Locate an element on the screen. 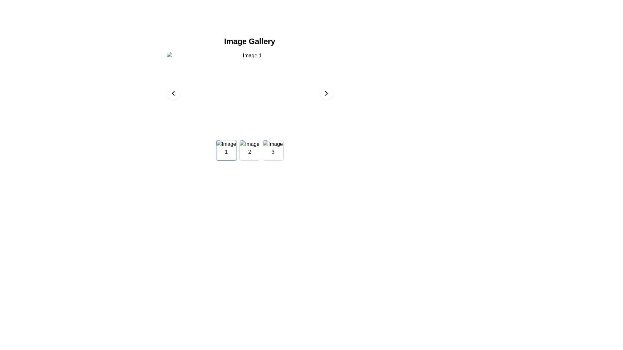 This screenshot has height=350, width=623. the thumbnail image with alternative text 'Image 1' from its current position is located at coordinates (226, 150).